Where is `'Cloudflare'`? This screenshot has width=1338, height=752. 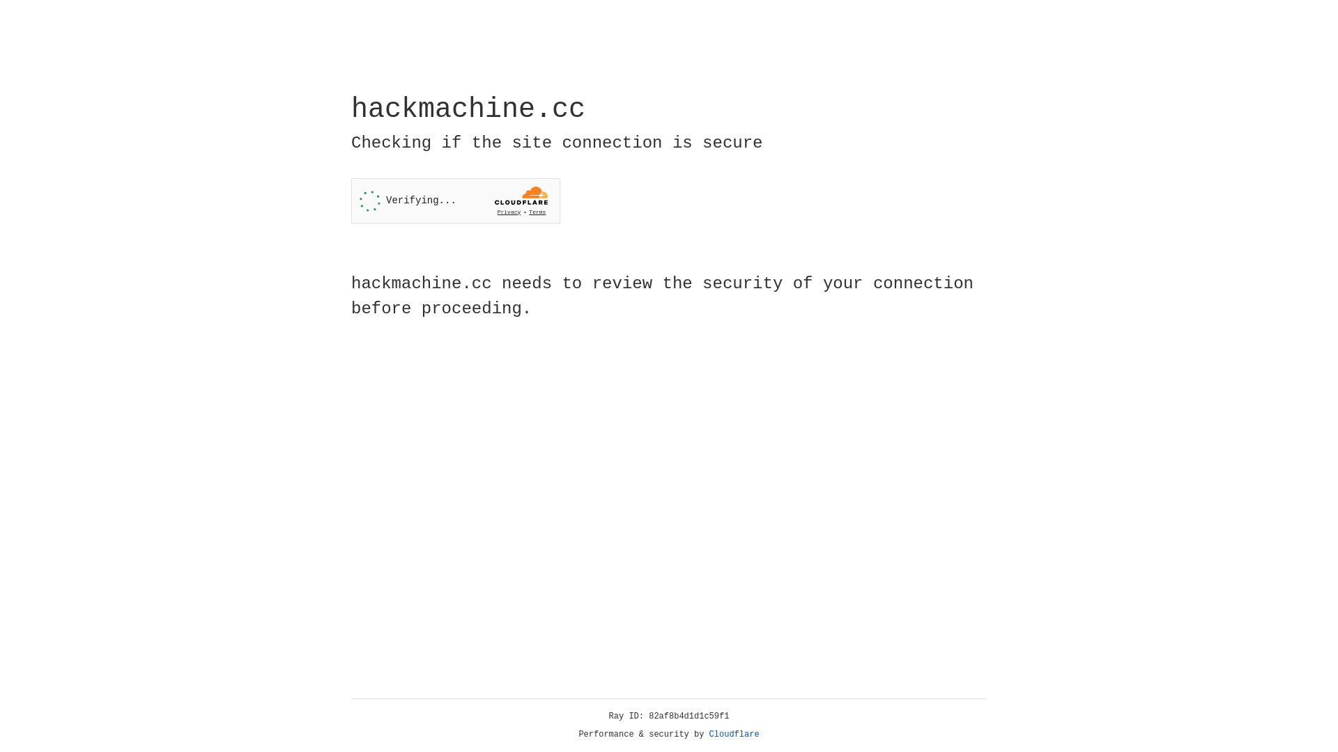 'Cloudflare' is located at coordinates (734, 734).